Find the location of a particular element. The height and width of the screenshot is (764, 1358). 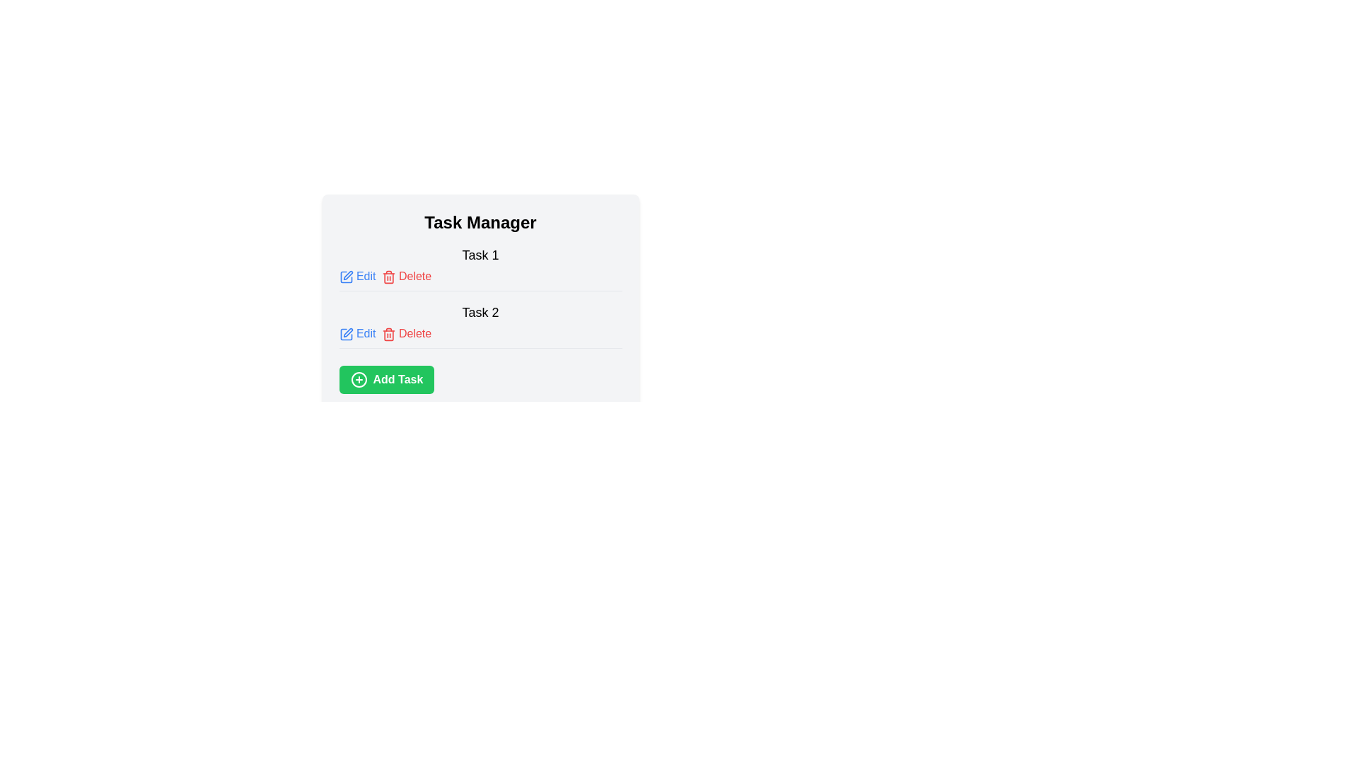

the leftmost circular SVG icon within the 'Add Task' button is located at coordinates (359, 378).